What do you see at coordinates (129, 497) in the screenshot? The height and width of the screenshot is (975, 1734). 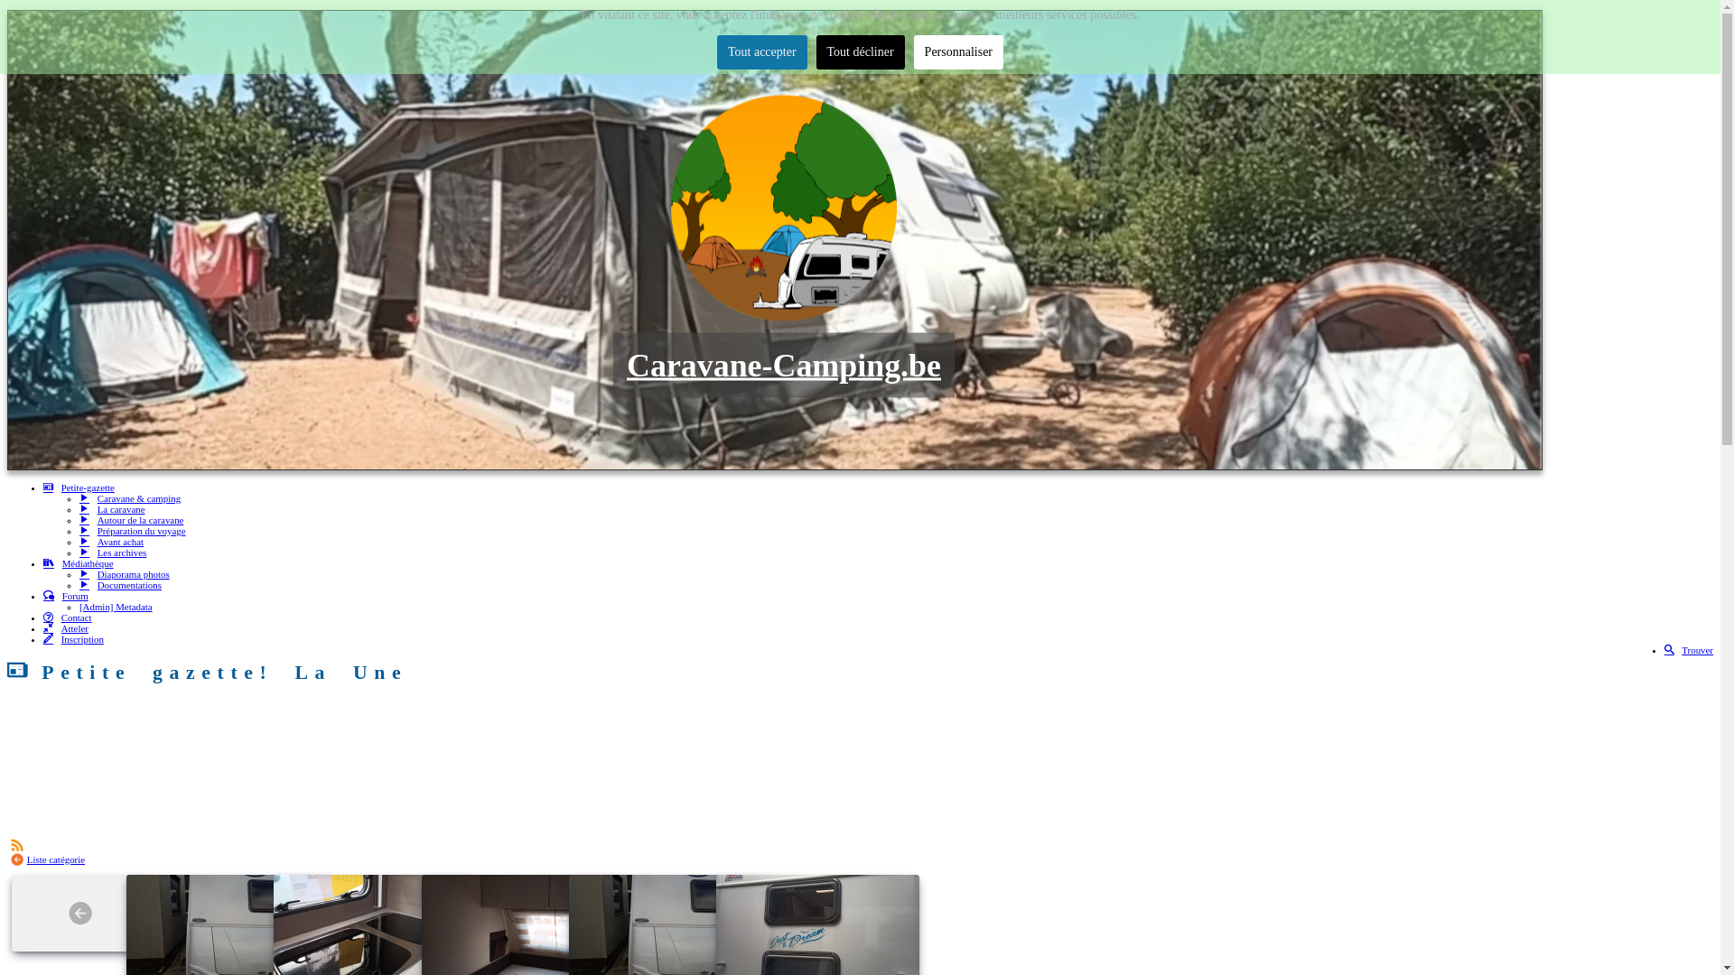 I see `'Caravane & camping'` at bounding box center [129, 497].